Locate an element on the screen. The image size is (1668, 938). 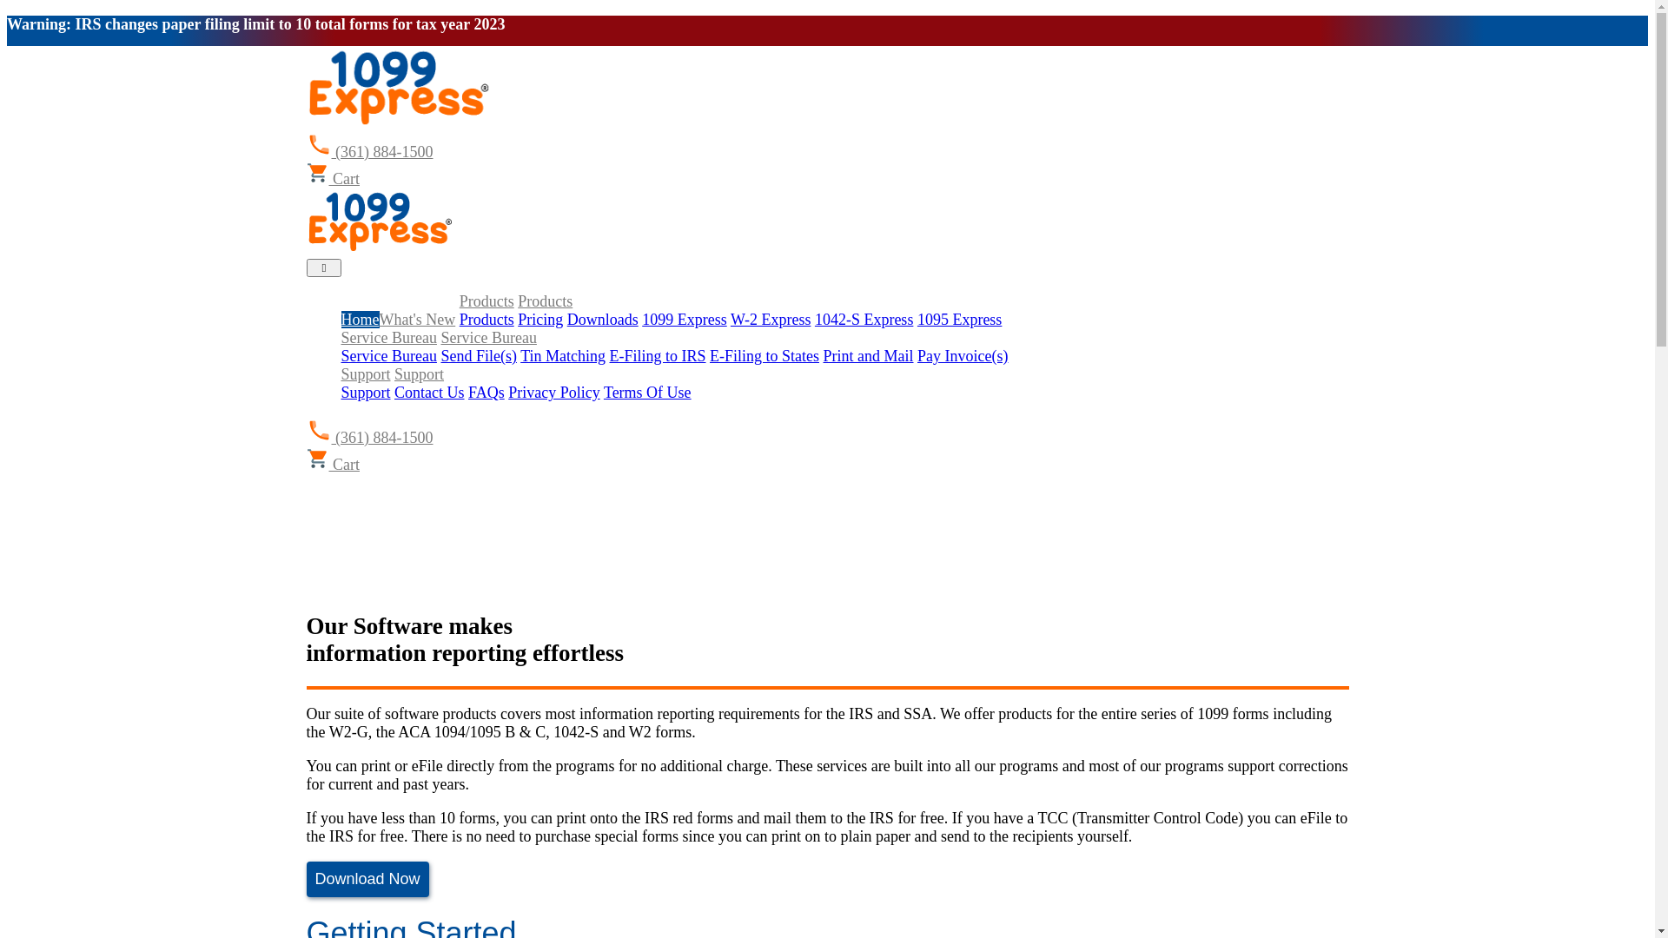
'Service Bureau' is located at coordinates (387, 338).